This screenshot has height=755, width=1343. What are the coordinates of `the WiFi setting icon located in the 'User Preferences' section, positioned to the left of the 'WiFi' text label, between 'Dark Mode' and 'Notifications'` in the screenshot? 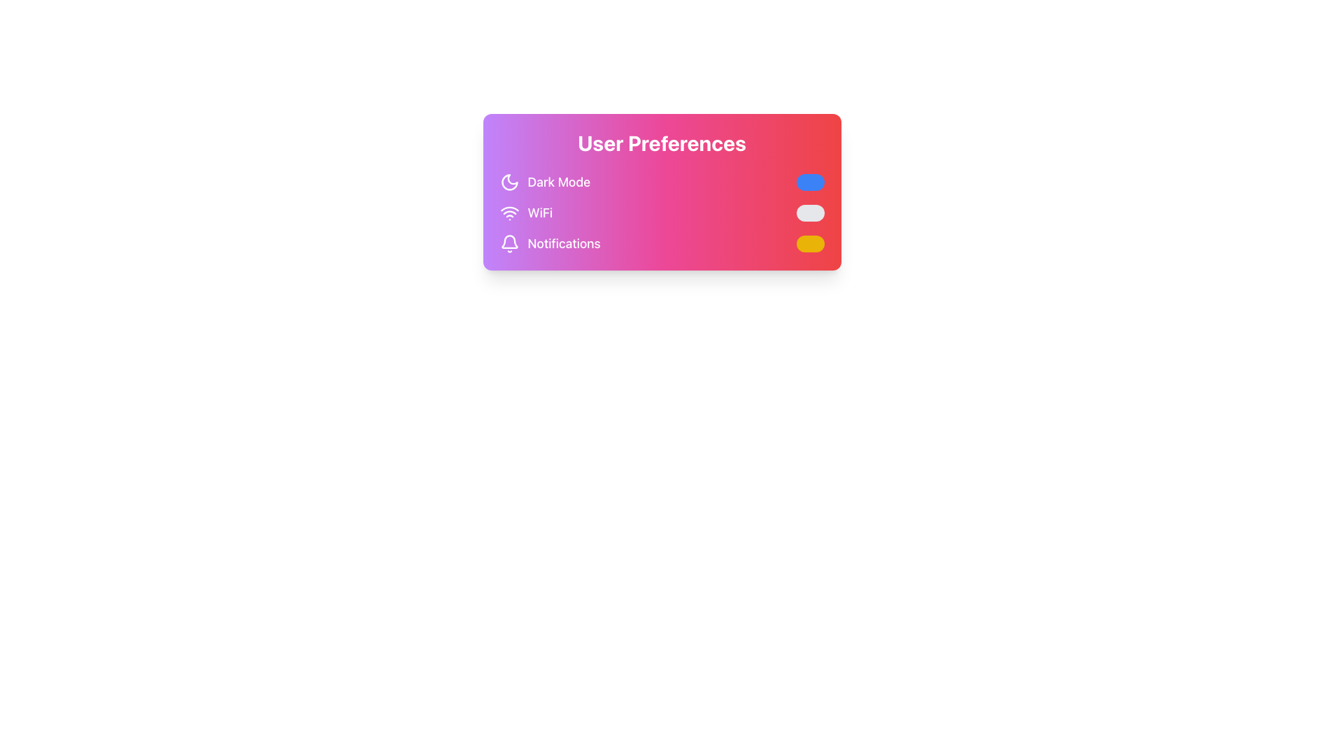 It's located at (509, 213).